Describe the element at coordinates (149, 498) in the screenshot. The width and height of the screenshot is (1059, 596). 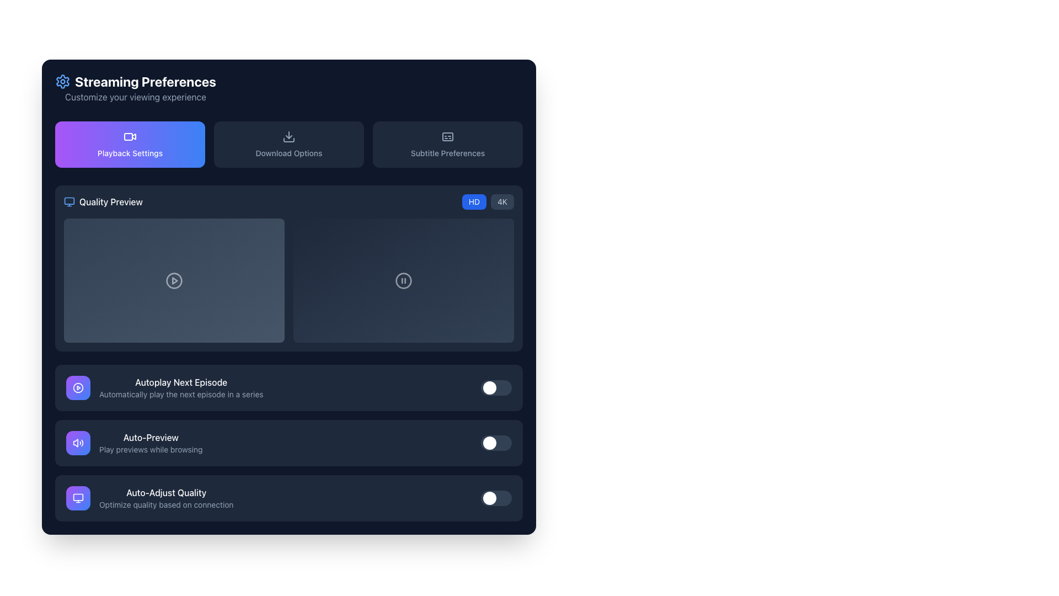
I see `the title 'Auto-Adjust Quality' to possibly reveal a tooltip` at that location.